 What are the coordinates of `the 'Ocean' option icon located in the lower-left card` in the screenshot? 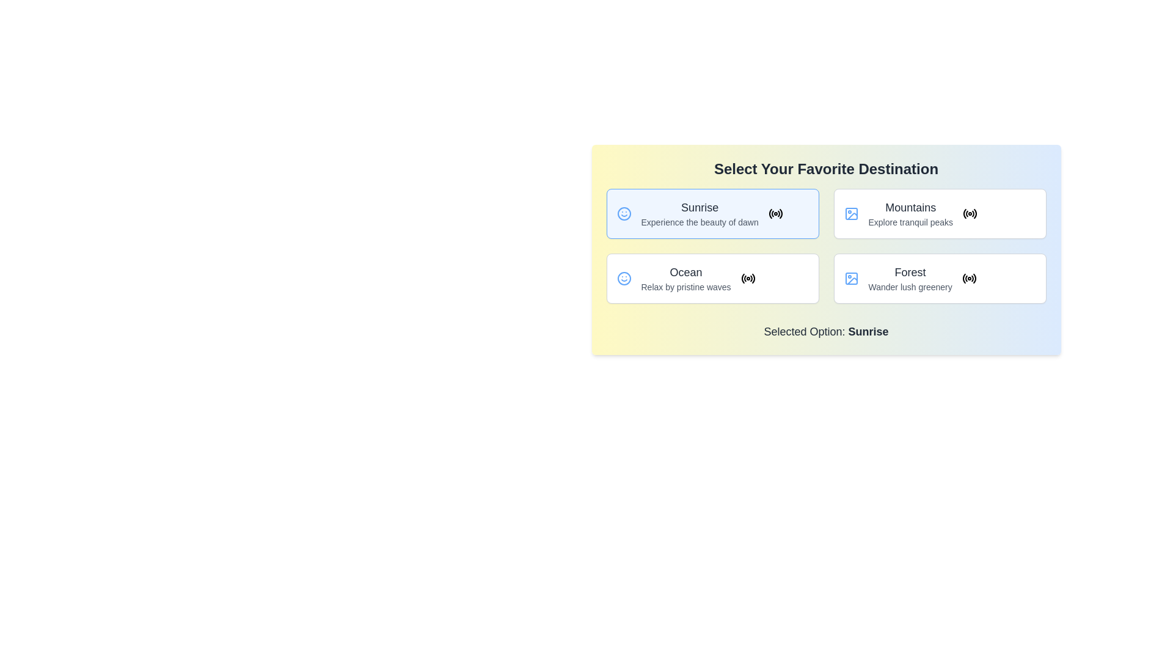 It's located at (747, 278).